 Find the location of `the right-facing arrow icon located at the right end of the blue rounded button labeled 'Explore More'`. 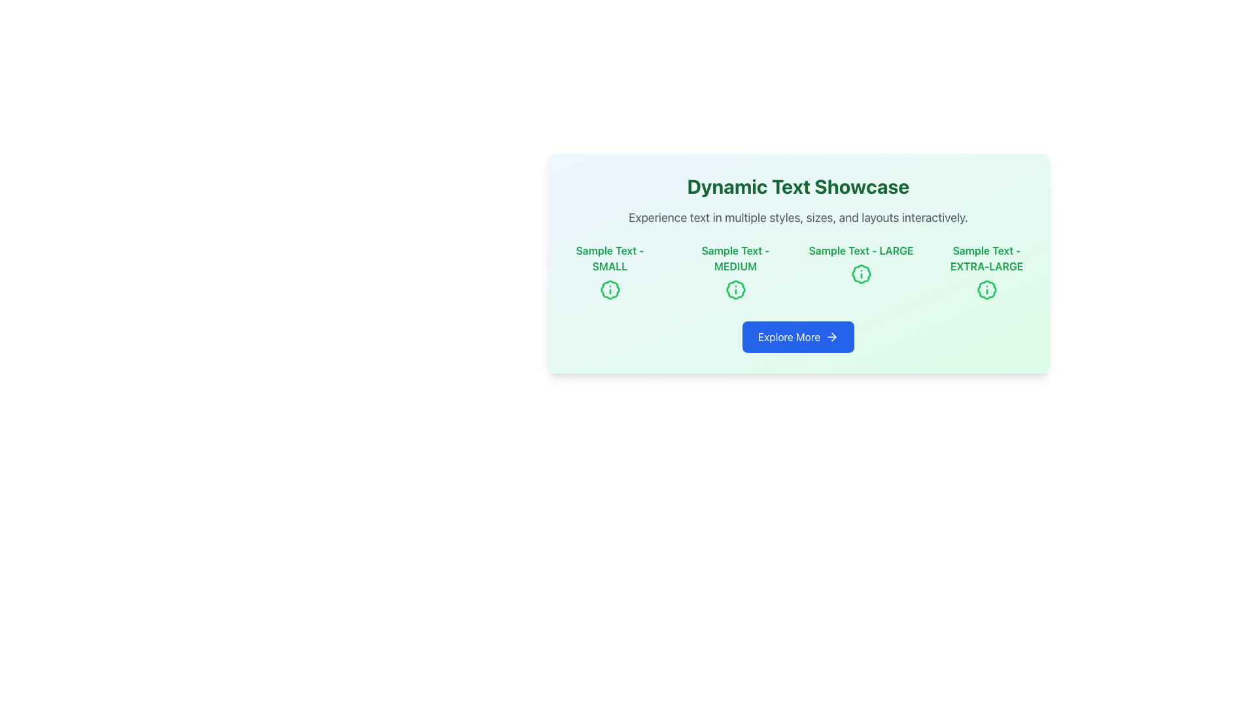

the right-facing arrow icon located at the right end of the blue rounded button labeled 'Explore More' is located at coordinates (831, 336).